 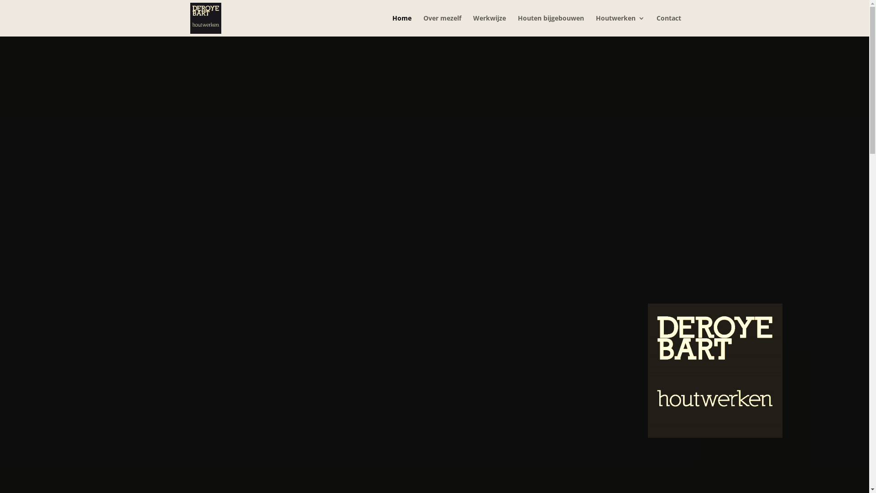 I want to click on 'Werkwijze', so click(x=473, y=25).